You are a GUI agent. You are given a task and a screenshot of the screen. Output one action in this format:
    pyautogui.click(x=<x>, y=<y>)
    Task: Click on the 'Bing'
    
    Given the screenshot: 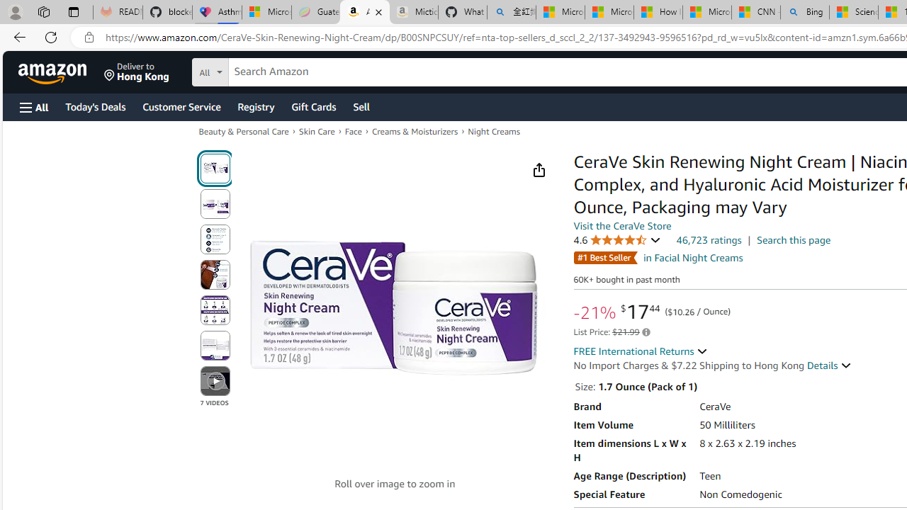 What is the action you would take?
    pyautogui.click(x=805, y=12)
    